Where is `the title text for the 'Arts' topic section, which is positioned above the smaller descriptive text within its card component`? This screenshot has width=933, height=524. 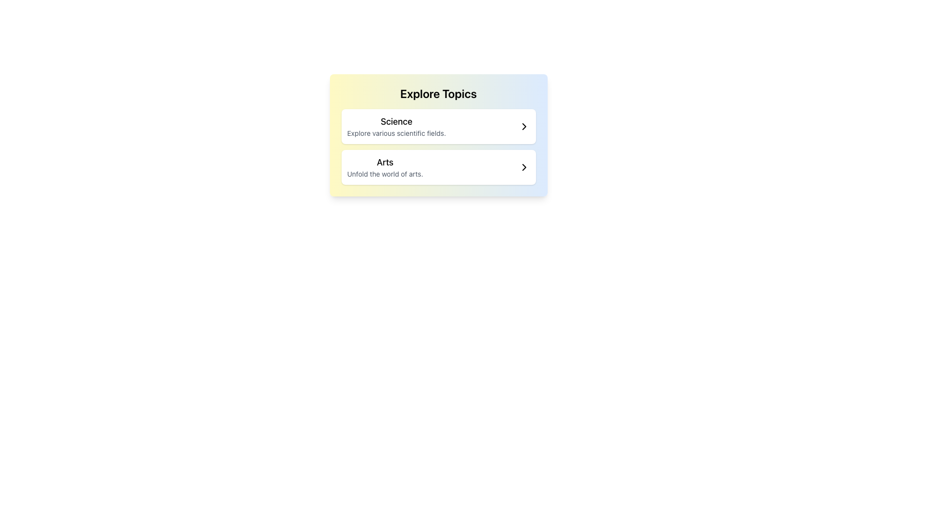 the title text for the 'Arts' topic section, which is positioned above the smaller descriptive text within its card component is located at coordinates (384, 162).